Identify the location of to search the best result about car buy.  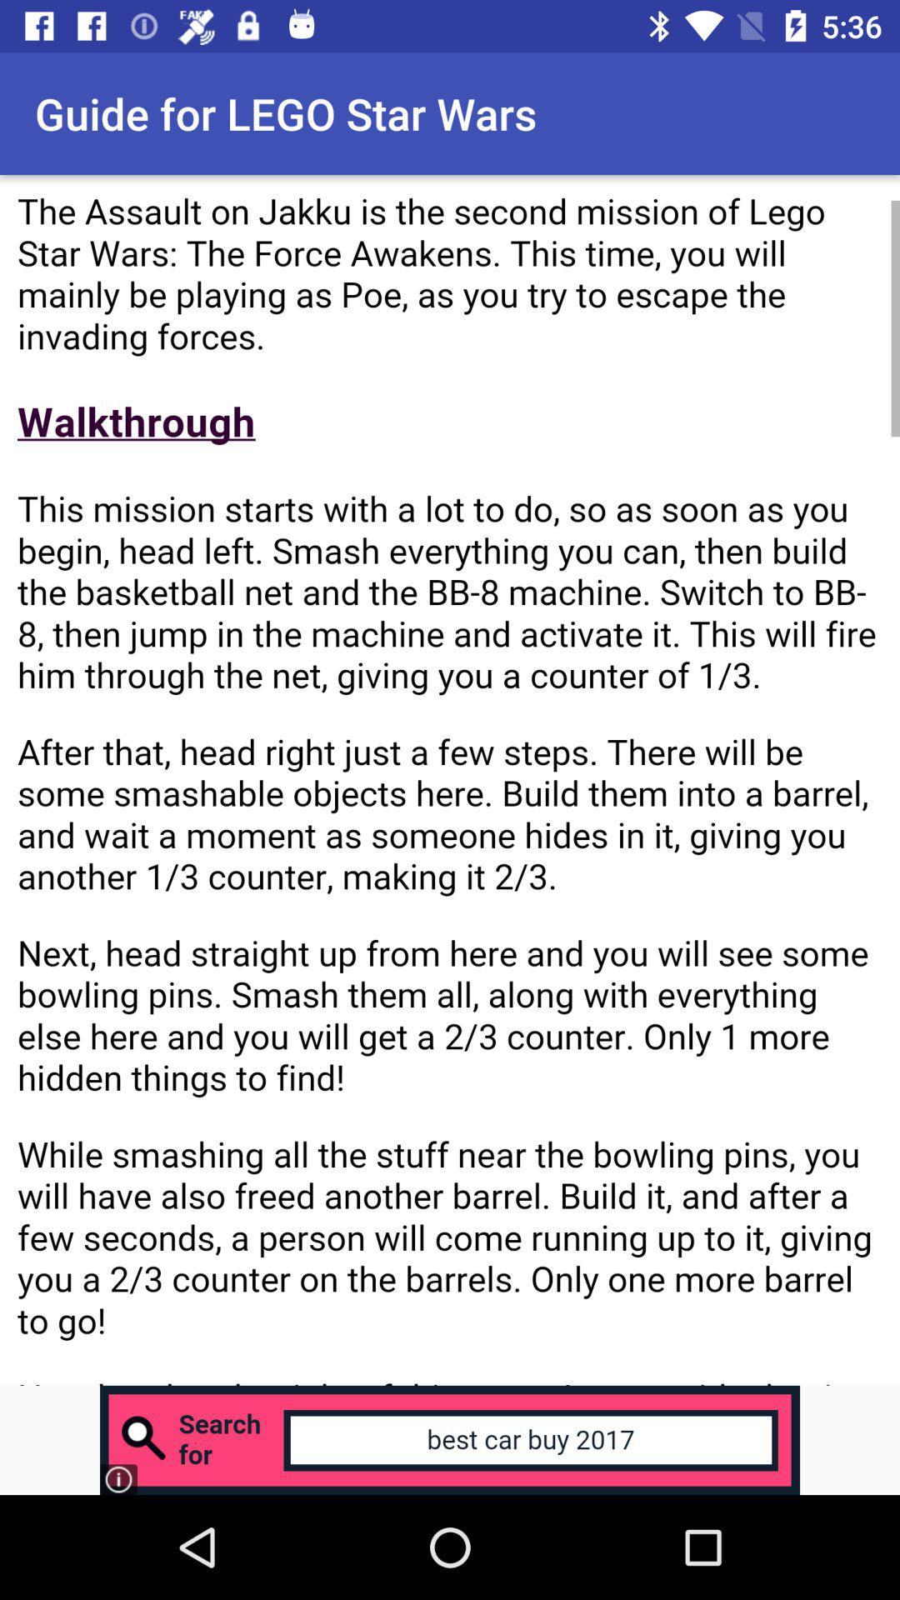
(450, 1439).